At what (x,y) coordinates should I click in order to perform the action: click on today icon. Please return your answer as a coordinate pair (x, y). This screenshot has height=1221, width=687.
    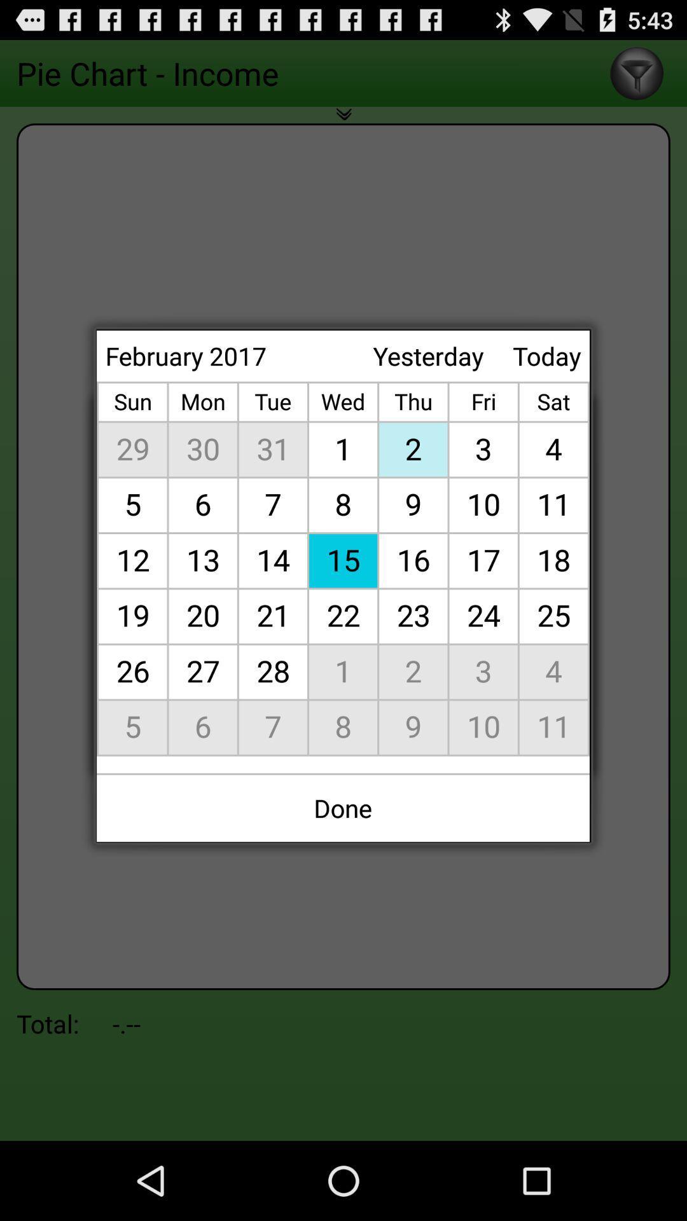
    Looking at the image, I should click on (546, 355).